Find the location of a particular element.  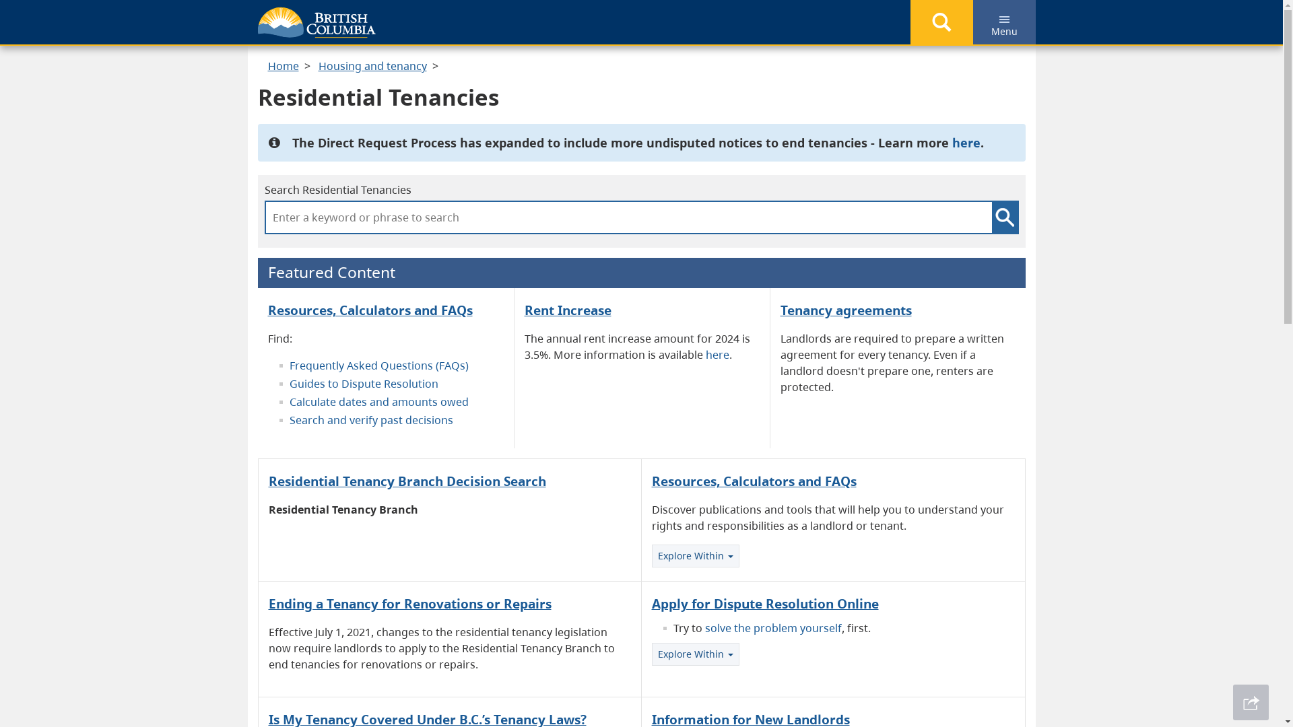

'Ending a Tenancy for Renovations or Repairs' is located at coordinates (409, 602).